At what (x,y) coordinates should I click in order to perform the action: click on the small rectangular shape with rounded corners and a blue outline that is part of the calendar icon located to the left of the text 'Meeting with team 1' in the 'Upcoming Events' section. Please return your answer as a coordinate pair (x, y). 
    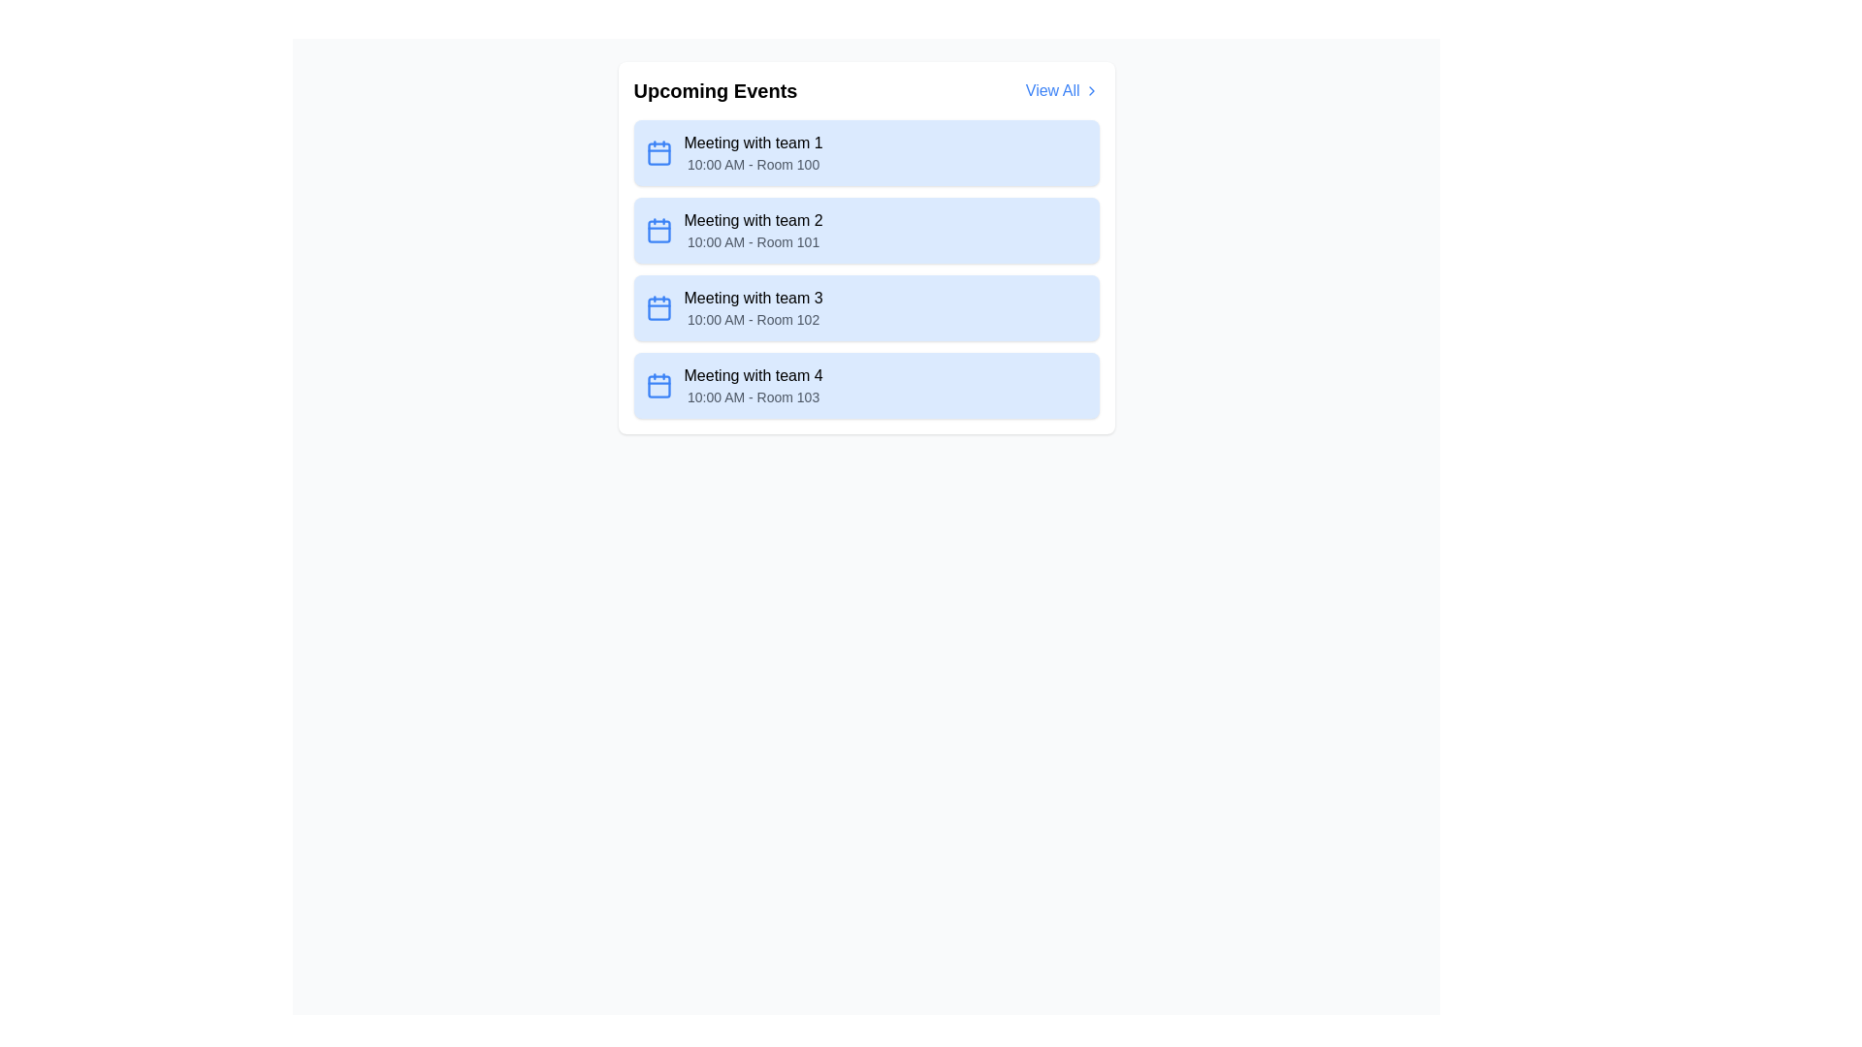
    Looking at the image, I should click on (658, 153).